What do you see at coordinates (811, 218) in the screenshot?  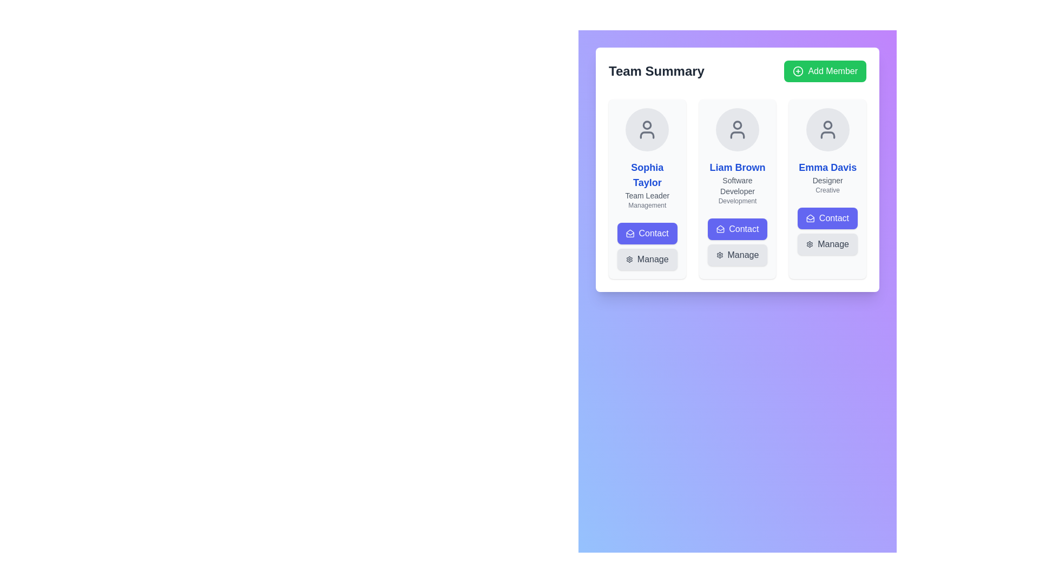 I see `the mail icon shaped like an envelope located in the lower section of Emma Davis's card, next to the 'Contact' button` at bounding box center [811, 218].